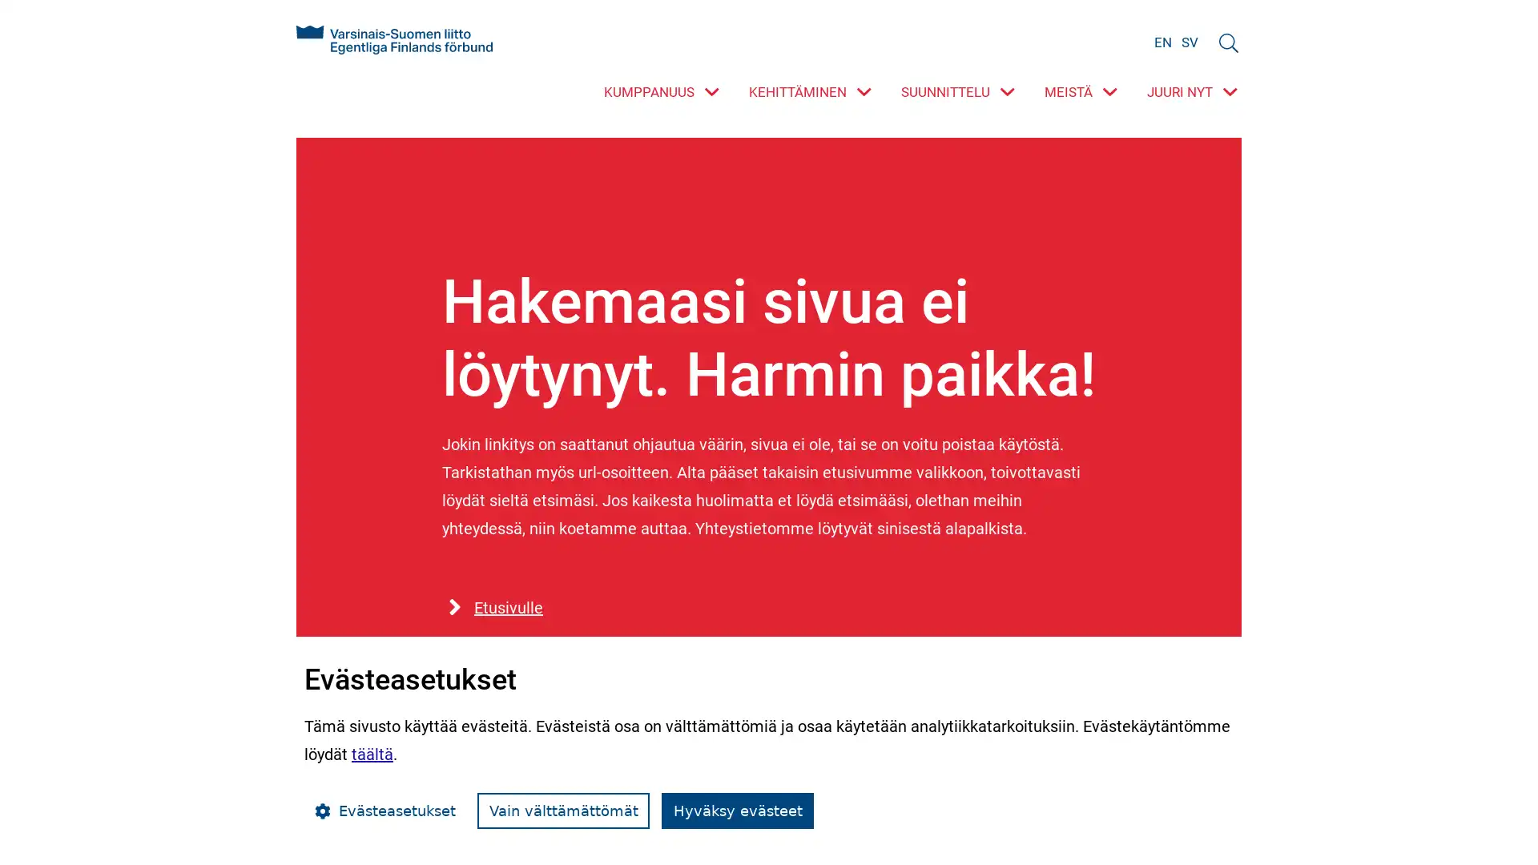 Image resolution: width=1538 pixels, height=865 pixels. Describe the element at coordinates (384, 811) in the screenshot. I see `Evasteasetukset` at that location.